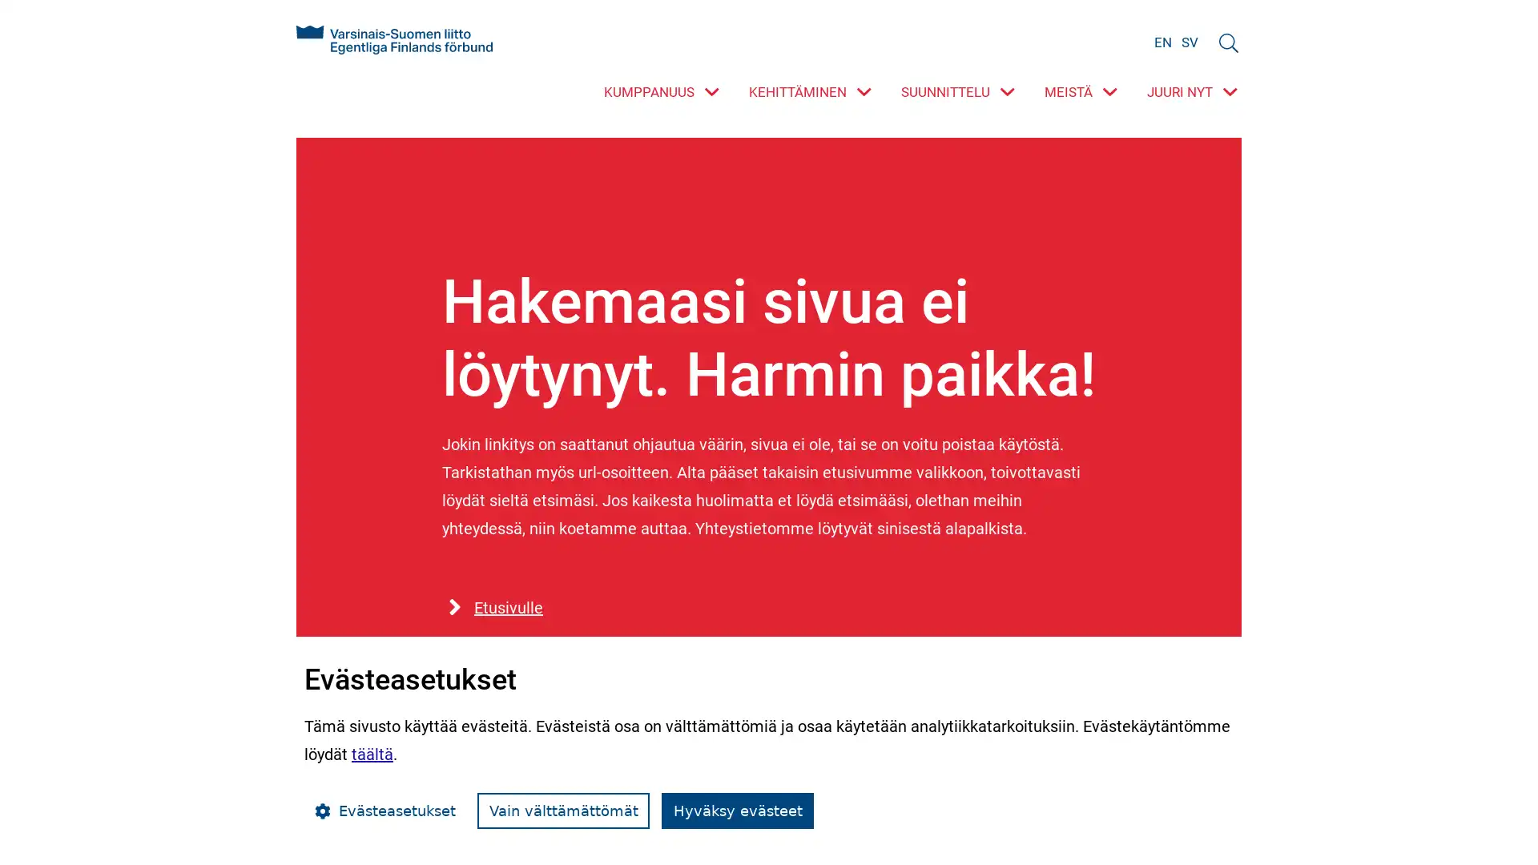 Image resolution: width=1538 pixels, height=865 pixels. Describe the element at coordinates (384, 811) in the screenshot. I see `Evasteasetukset` at that location.